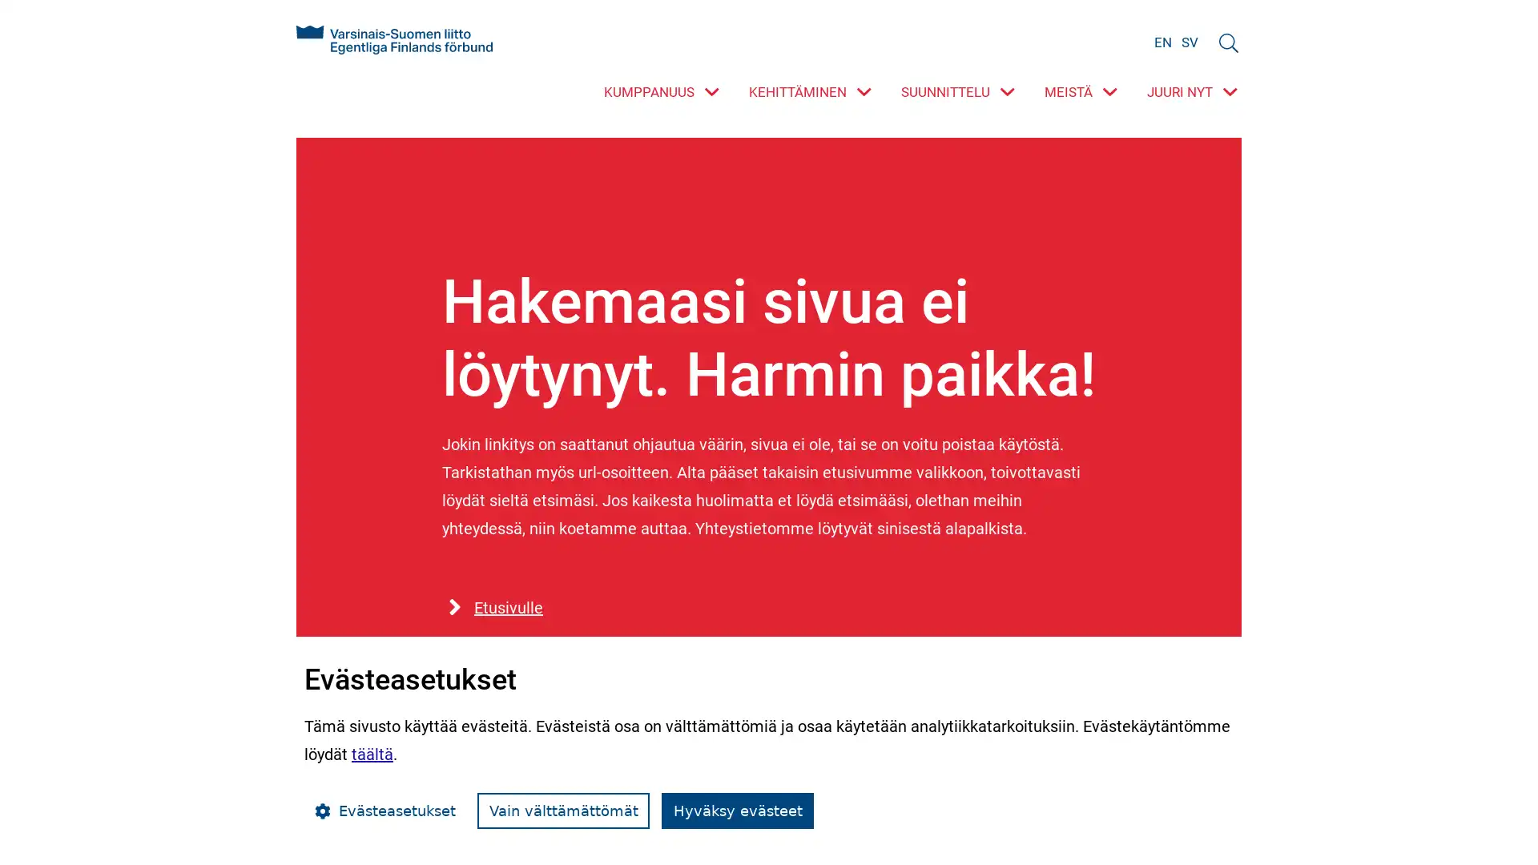 Image resolution: width=1538 pixels, height=865 pixels. Describe the element at coordinates (384, 811) in the screenshot. I see `Evasteasetukset` at that location.